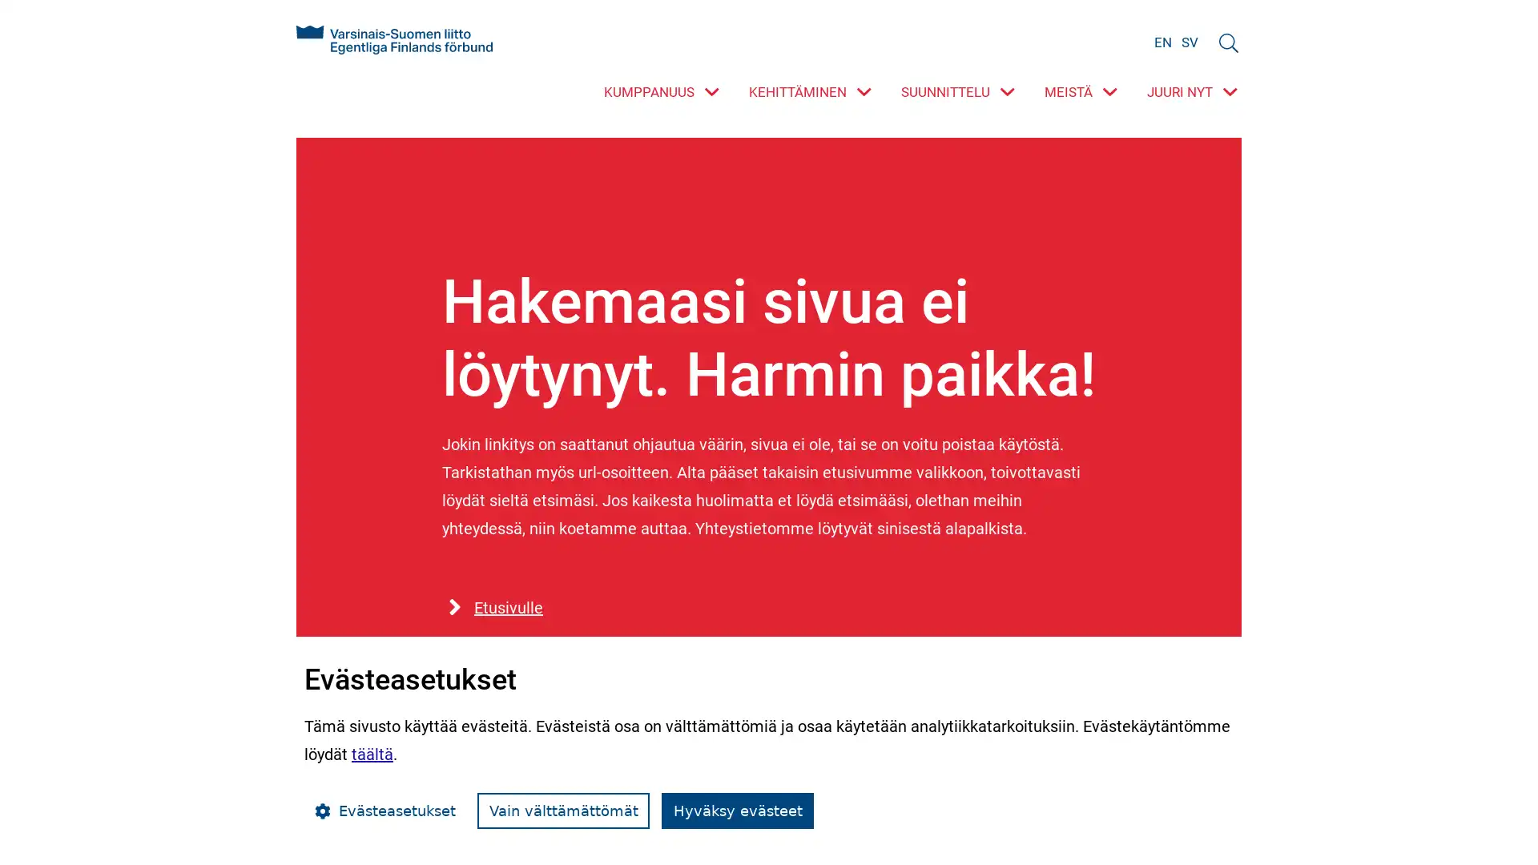 Image resolution: width=1538 pixels, height=865 pixels. Describe the element at coordinates (384, 811) in the screenshot. I see `Evasteasetukset` at that location.